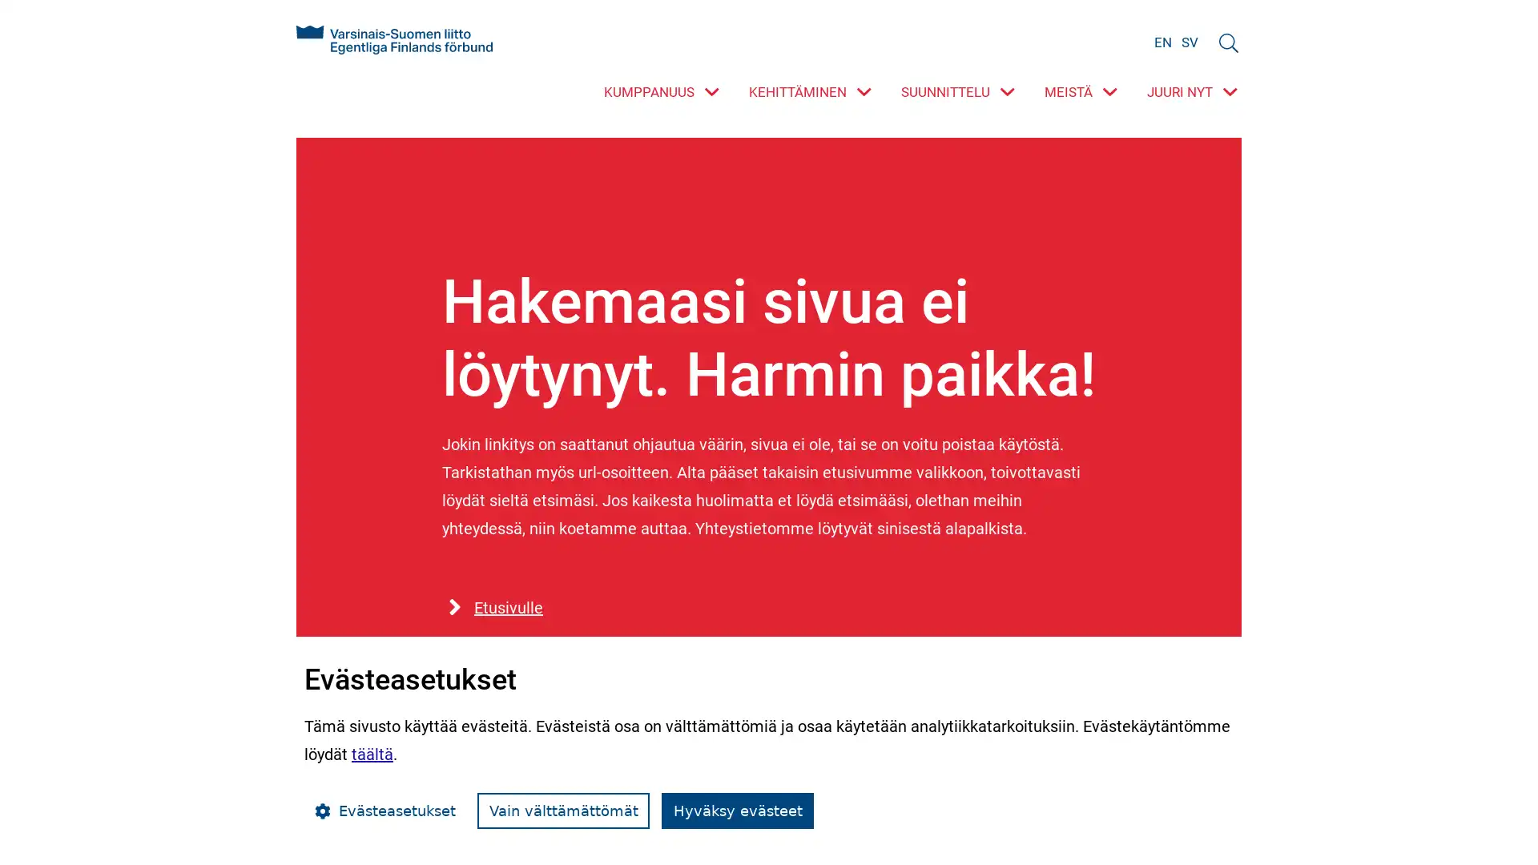 Image resolution: width=1538 pixels, height=865 pixels. Describe the element at coordinates (384, 811) in the screenshot. I see `Evasteasetukset` at that location.